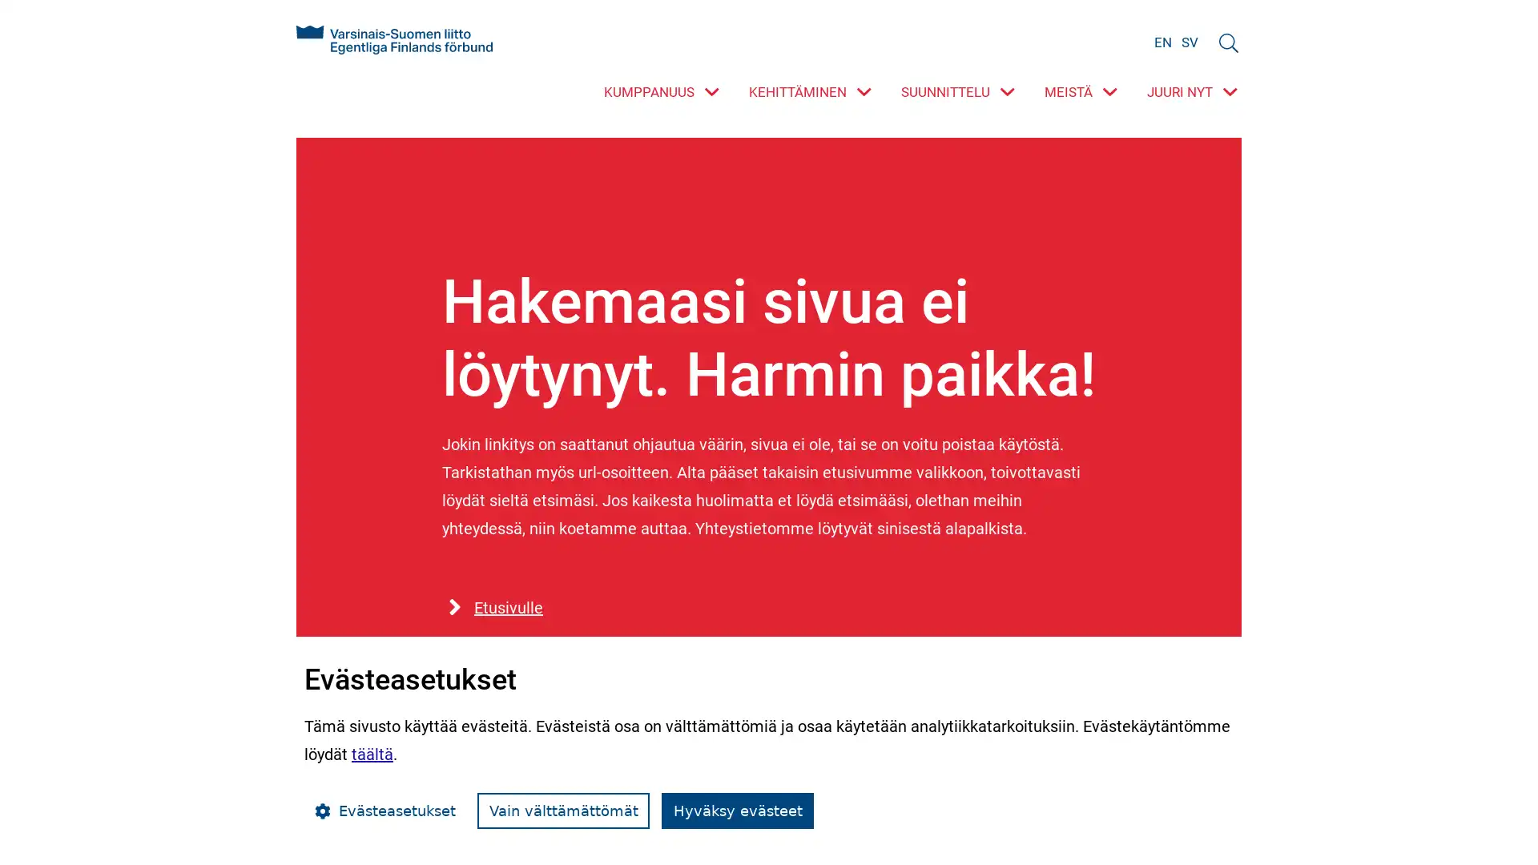 Image resolution: width=1538 pixels, height=865 pixels. Describe the element at coordinates (384, 811) in the screenshot. I see `Evasteasetukset` at that location.